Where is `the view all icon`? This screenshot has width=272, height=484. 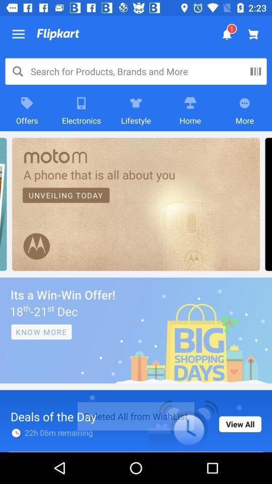 the view all icon is located at coordinates (239, 423).